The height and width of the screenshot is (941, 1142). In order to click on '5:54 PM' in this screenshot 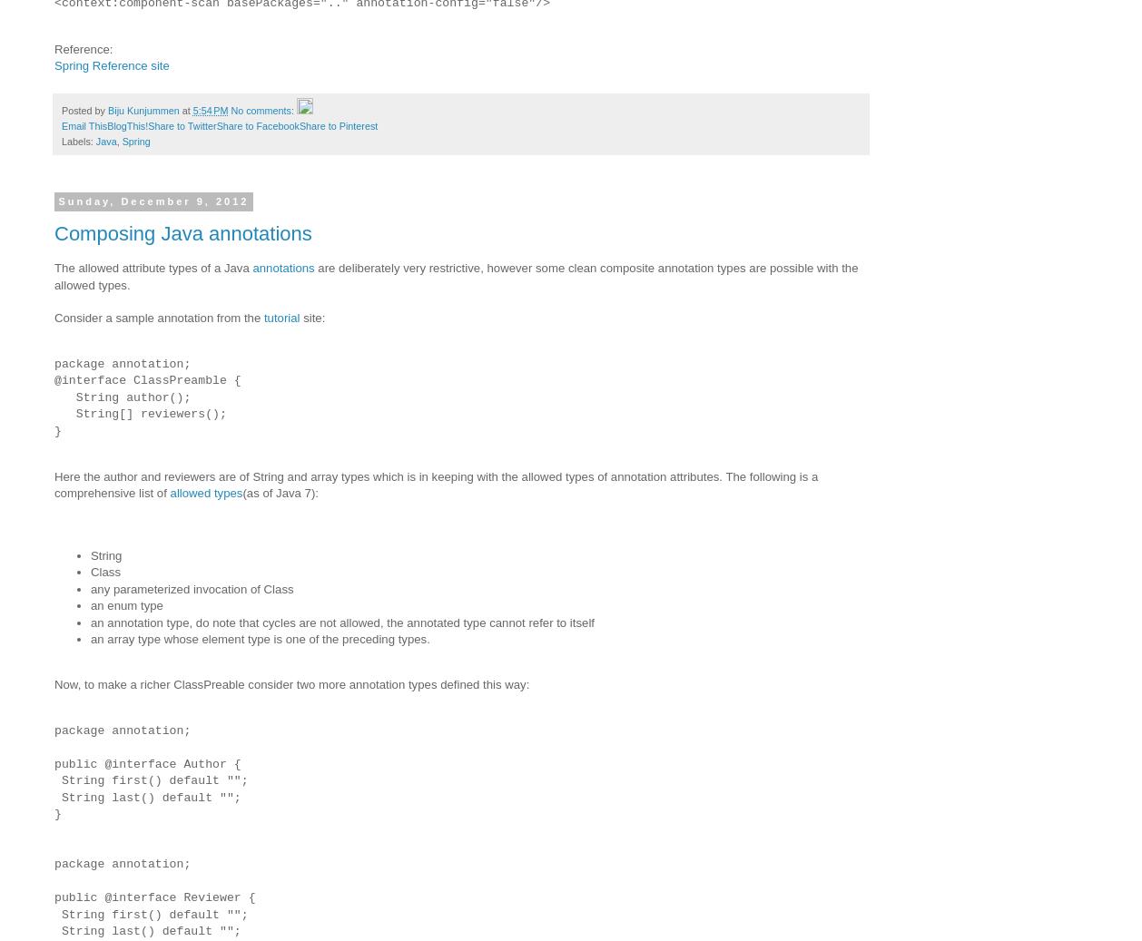, I will do `click(210, 109)`.